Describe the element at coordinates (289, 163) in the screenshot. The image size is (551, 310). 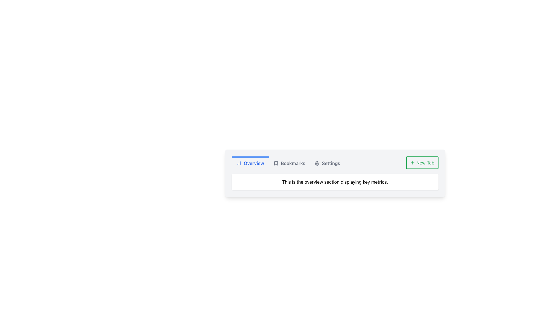
I see `the 'Bookmarks' navigation tab` at that location.